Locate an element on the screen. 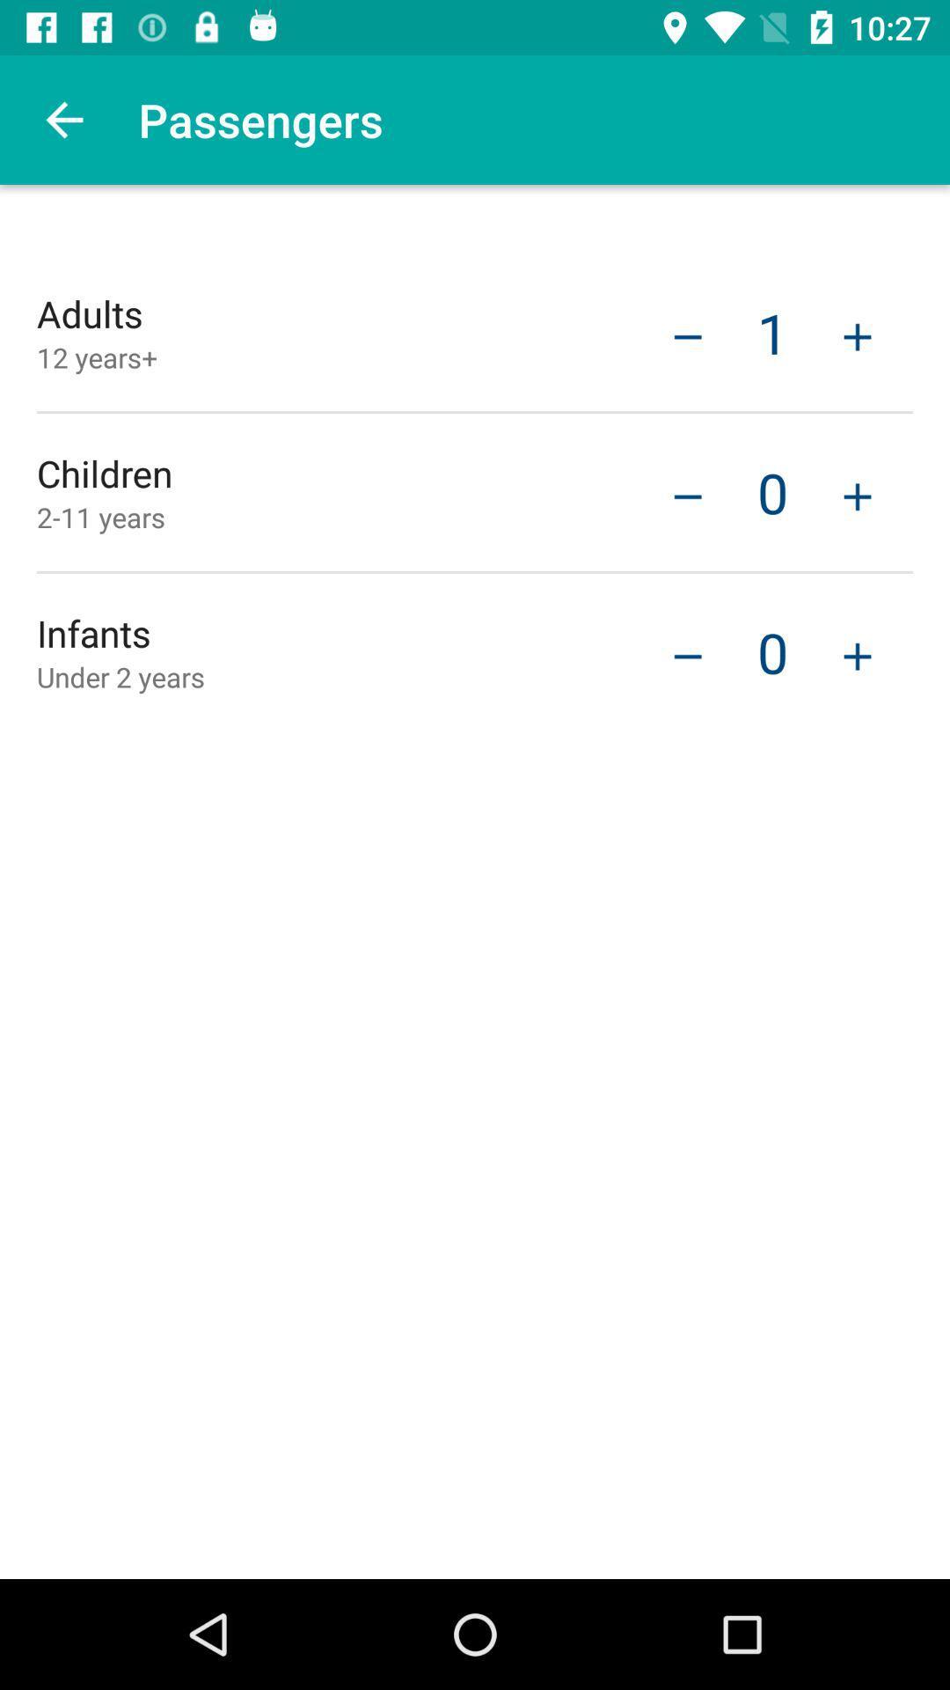 Image resolution: width=950 pixels, height=1690 pixels. an infant passenger is located at coordinates (857, 653).